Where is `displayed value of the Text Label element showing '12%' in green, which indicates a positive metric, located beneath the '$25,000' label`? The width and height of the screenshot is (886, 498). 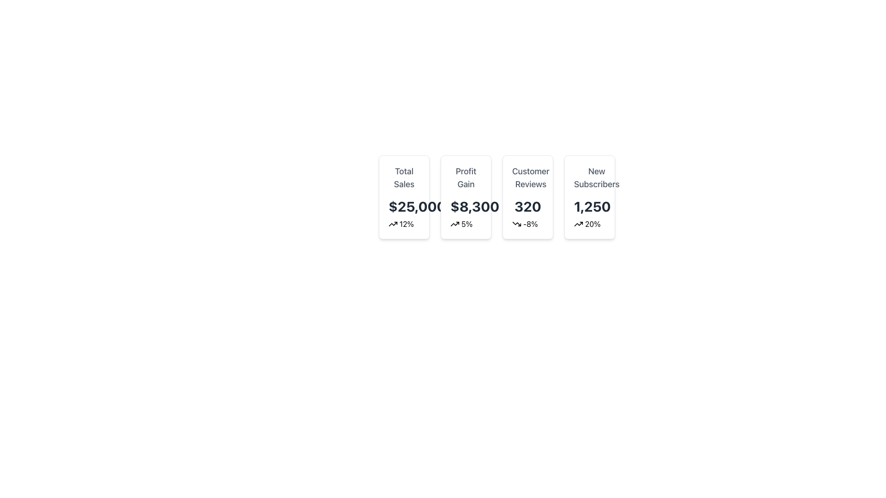
displayed value of the Text Label element showing '12%' in green, which indicates a positive metric, located beneath the '$25,000' label is located at coordinates (406, 224).